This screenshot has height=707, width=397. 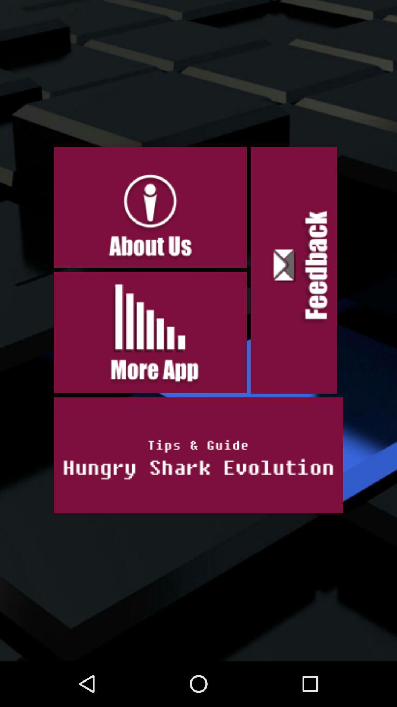 What do you see at coordinates (293, 270) in the screenshot?
I see `the icon on the right` at bounding box center [293, 270].